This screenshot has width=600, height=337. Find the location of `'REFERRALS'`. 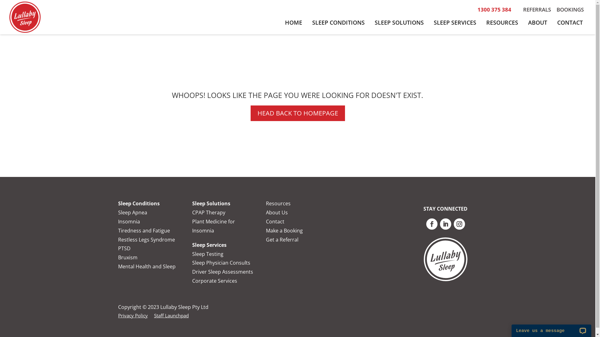

'REFERRALS' is located at coordinates (537, 9).